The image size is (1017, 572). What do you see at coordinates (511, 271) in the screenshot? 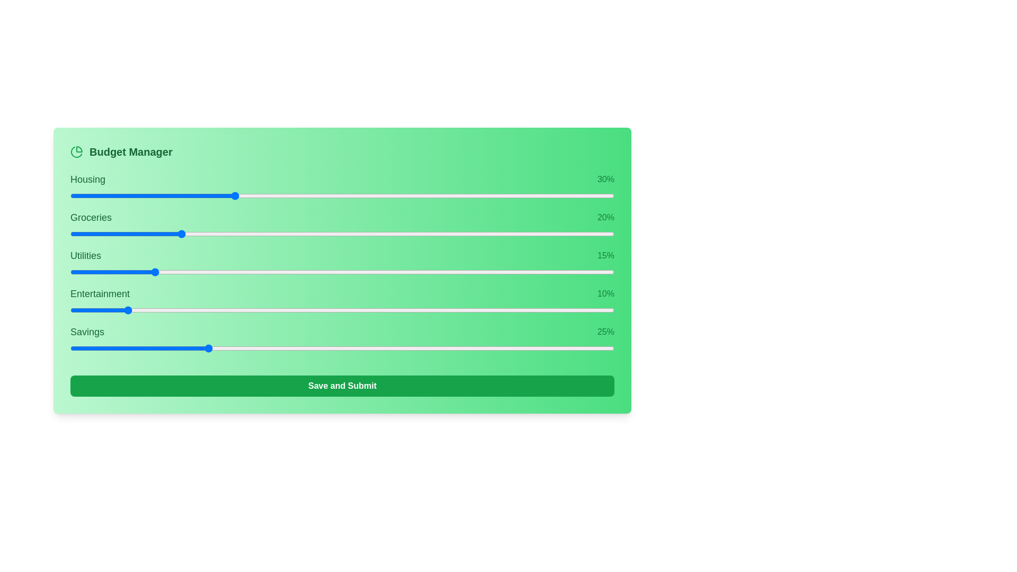
I see `the slider for 2 to 62% allocation` at bounding box center [511, 271].